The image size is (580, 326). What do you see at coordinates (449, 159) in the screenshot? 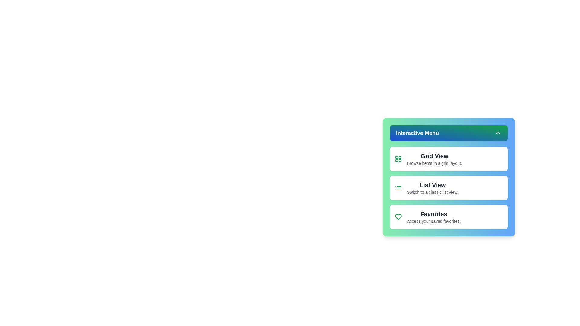
I see `the menu item Grid View to observe its hover effect` at bounding box center [449, 159].